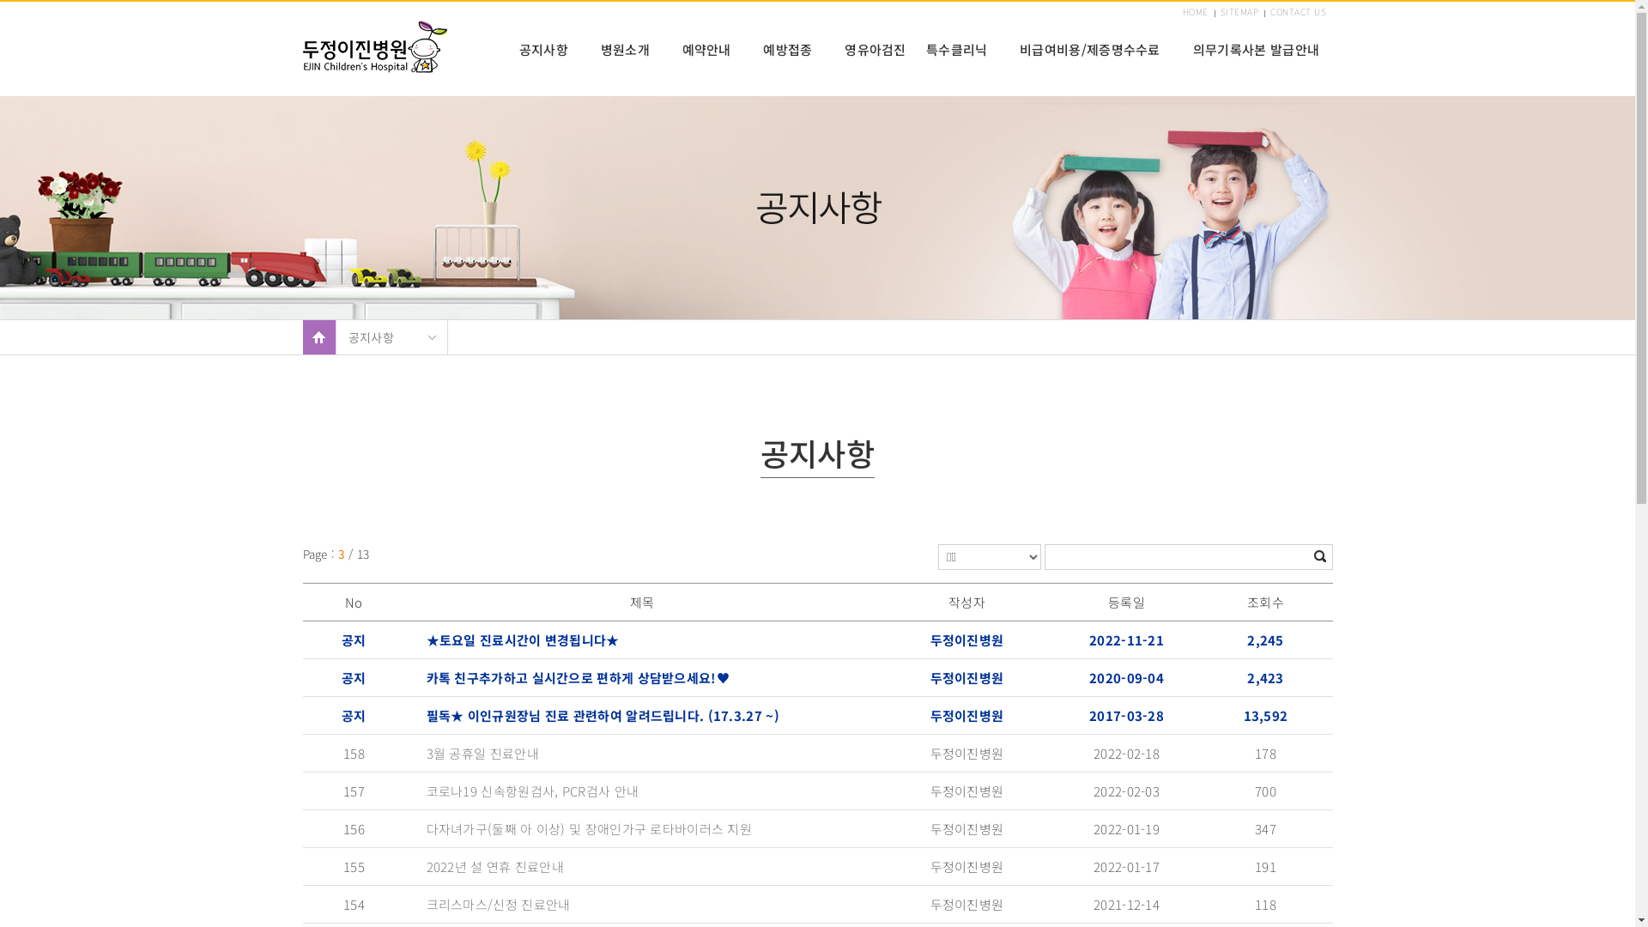  Describe the element at coordinates (1298, 12) in the screenshot. I see `'CONTACT US'` at that location.